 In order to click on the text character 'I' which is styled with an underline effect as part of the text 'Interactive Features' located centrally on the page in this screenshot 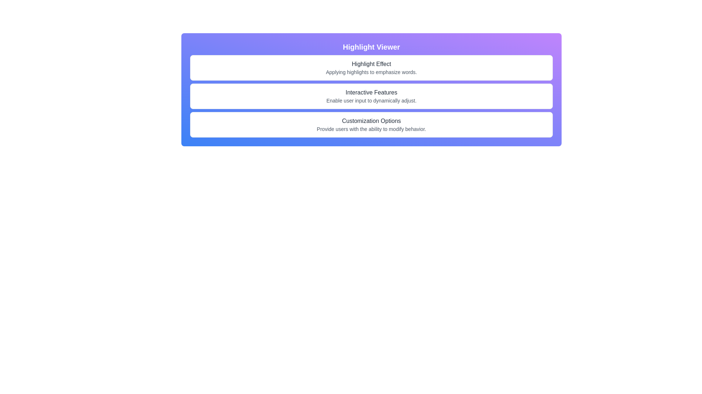, I will do `click(346, 92)`.